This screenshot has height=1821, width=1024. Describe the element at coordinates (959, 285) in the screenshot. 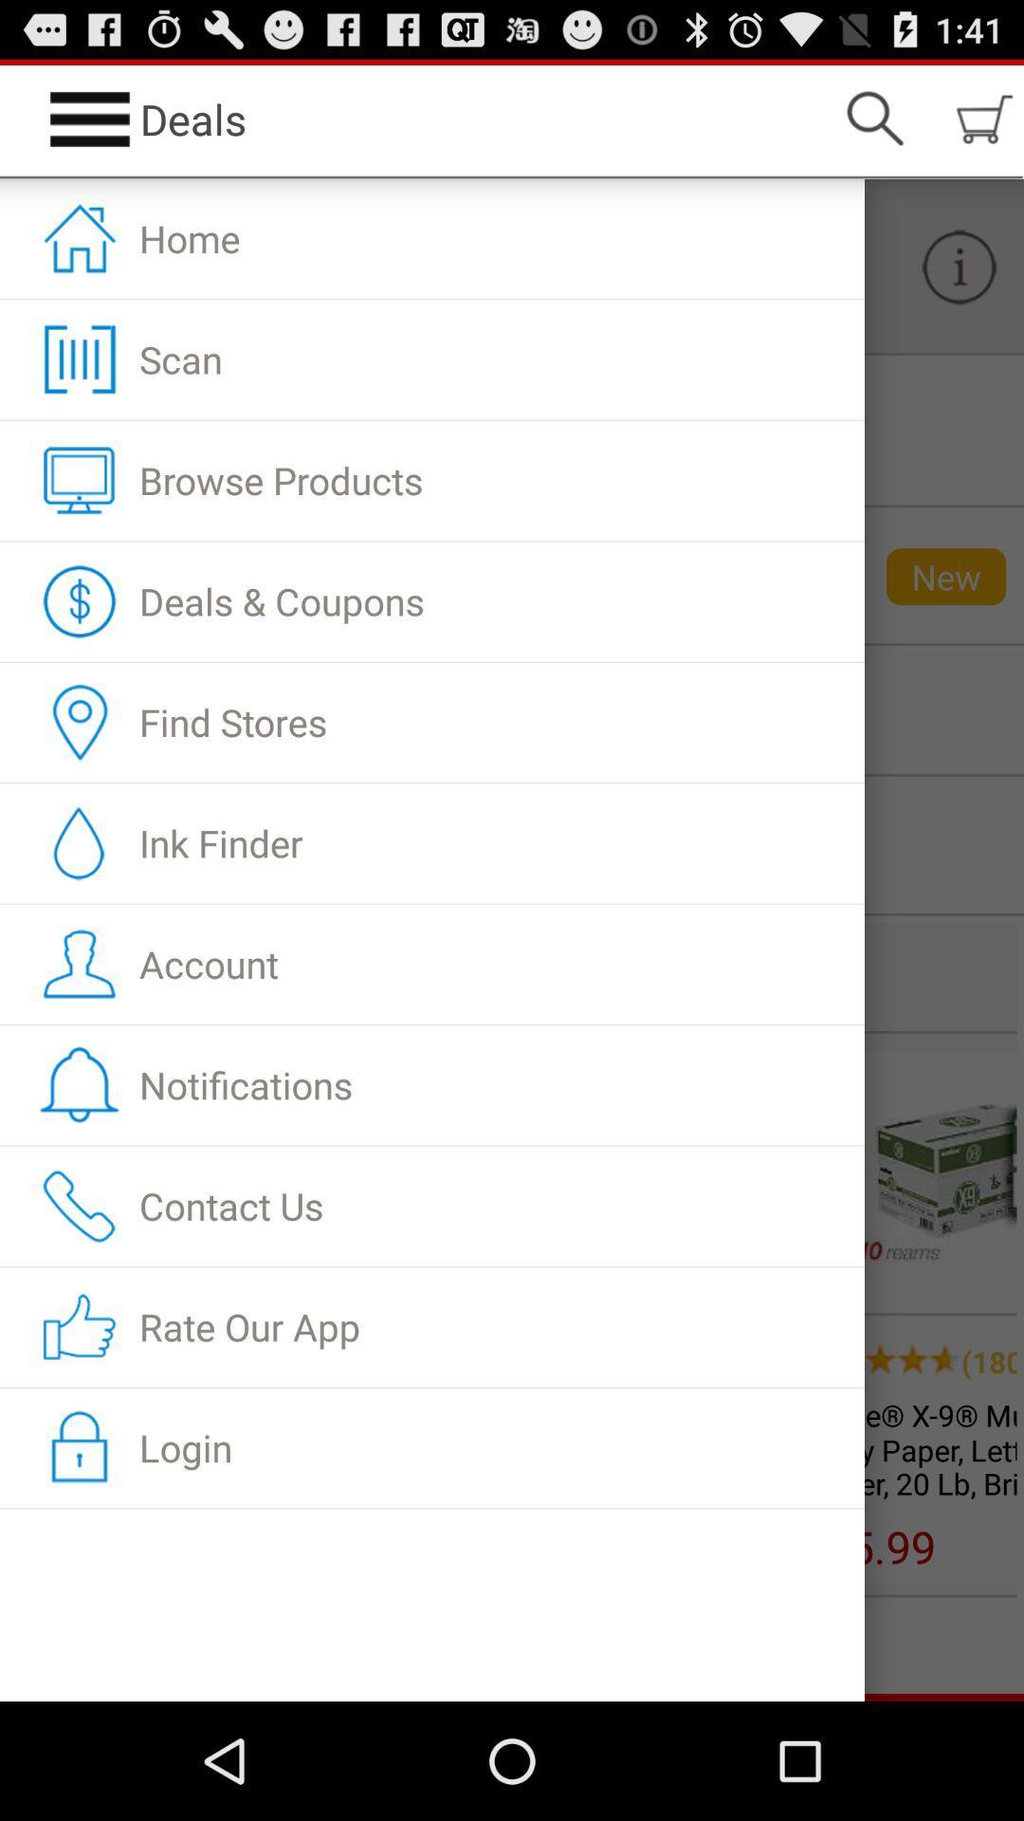

I see `the info icon` at that location.